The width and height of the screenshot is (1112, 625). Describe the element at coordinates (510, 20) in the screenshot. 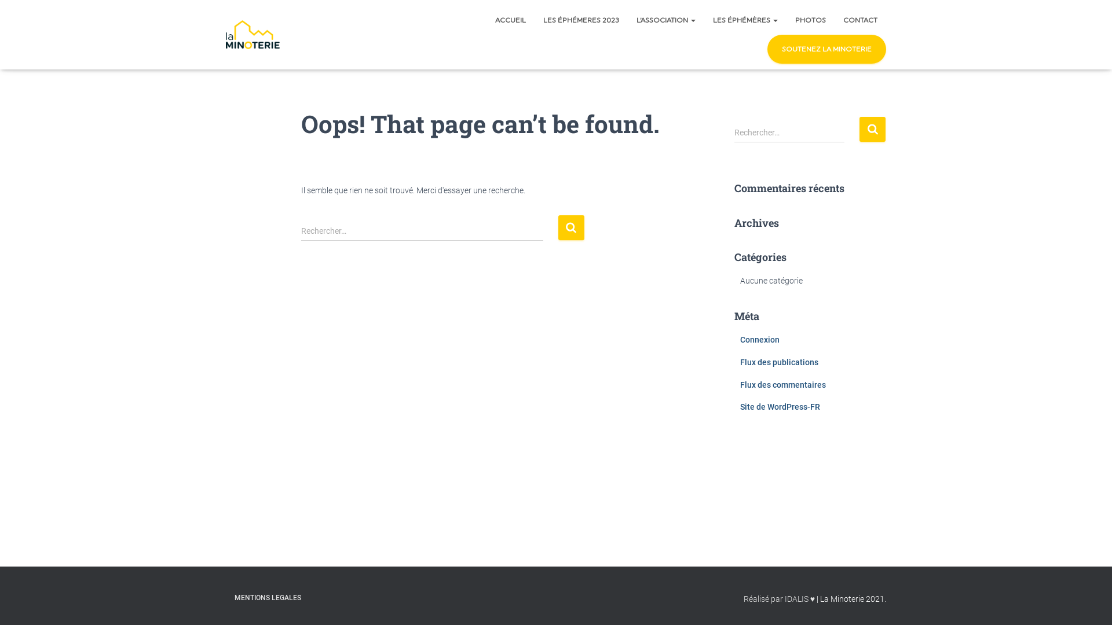

I see `'ACCUEIL'` at that location.